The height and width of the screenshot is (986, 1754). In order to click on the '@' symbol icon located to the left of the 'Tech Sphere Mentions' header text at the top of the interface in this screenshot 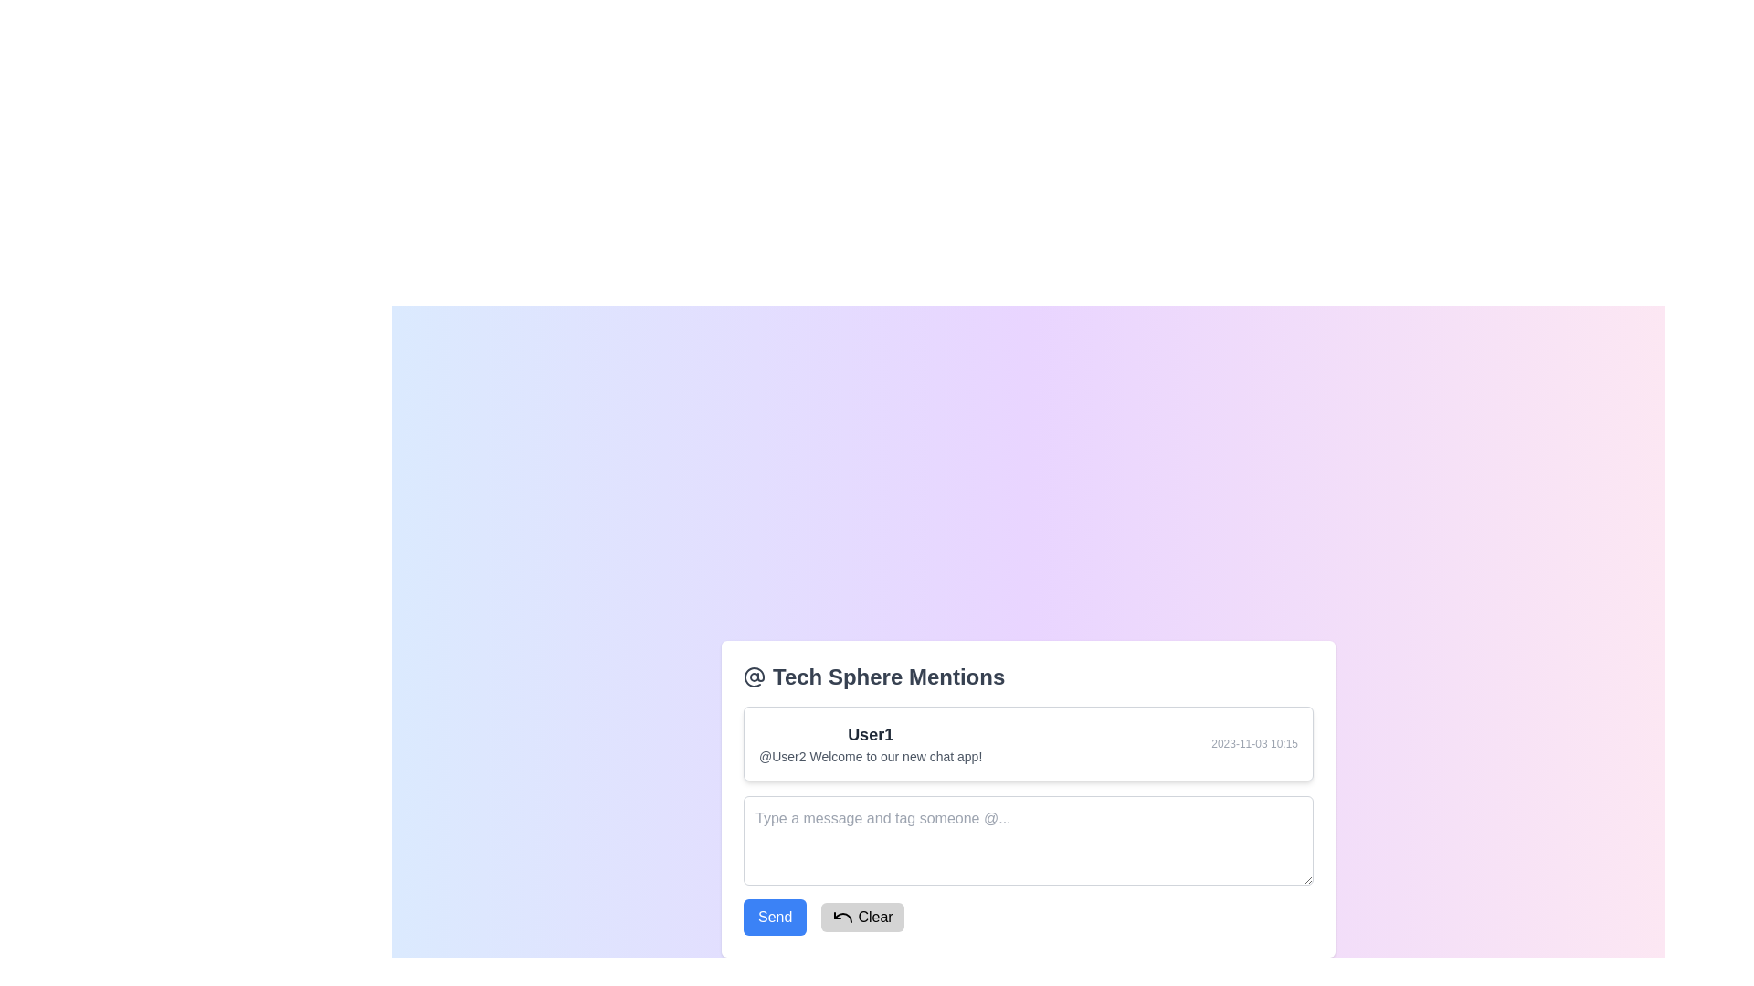, I will do `click(754, 677)`.